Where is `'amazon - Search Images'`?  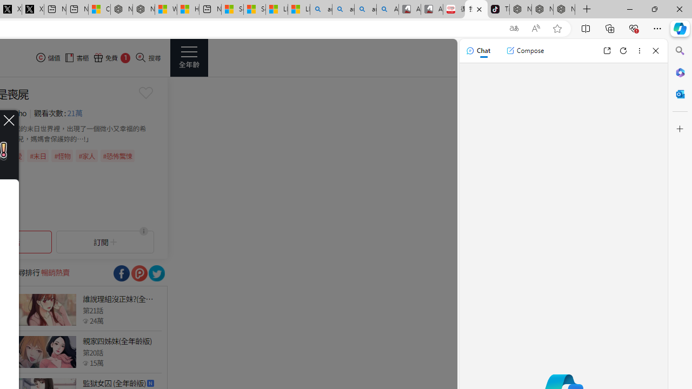
'amazon - Search Images' is located at coordinates (365, 9).